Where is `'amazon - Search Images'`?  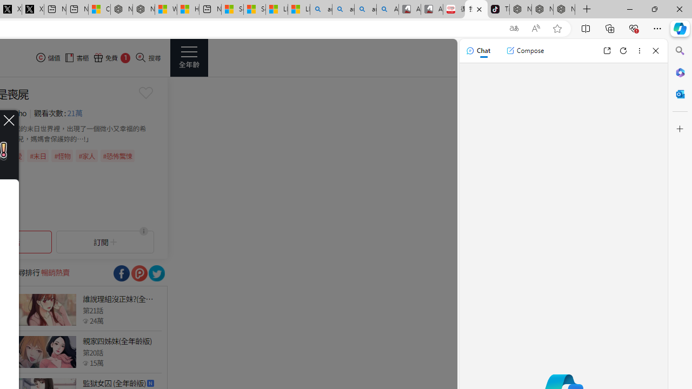
'amazon - Search Images' is located at coordinates (365, 9).